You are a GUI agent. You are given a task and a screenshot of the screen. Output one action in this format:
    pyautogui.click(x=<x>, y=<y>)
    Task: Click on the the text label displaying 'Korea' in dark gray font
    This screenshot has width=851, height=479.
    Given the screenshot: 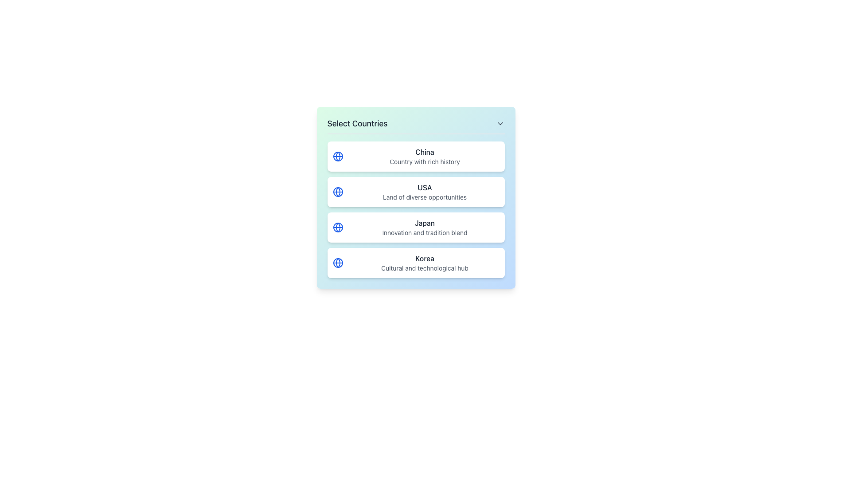 What is the action you would take?
    pyautogui.click(x=424, y=258)
    